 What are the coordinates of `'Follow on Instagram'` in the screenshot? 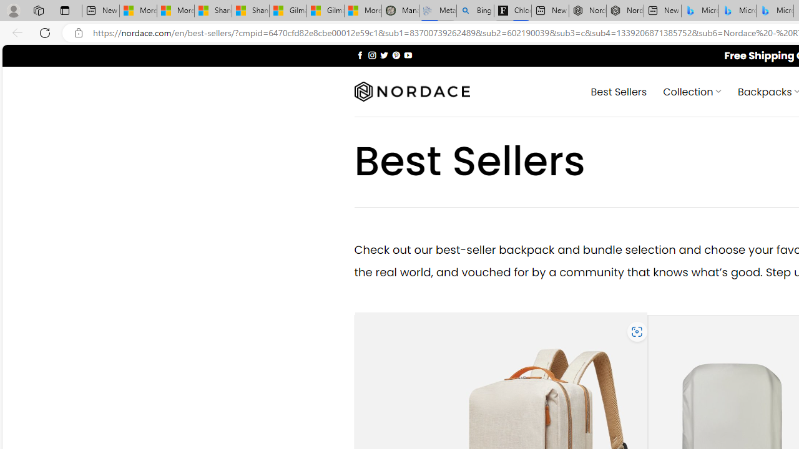 It's located at (371, 54).